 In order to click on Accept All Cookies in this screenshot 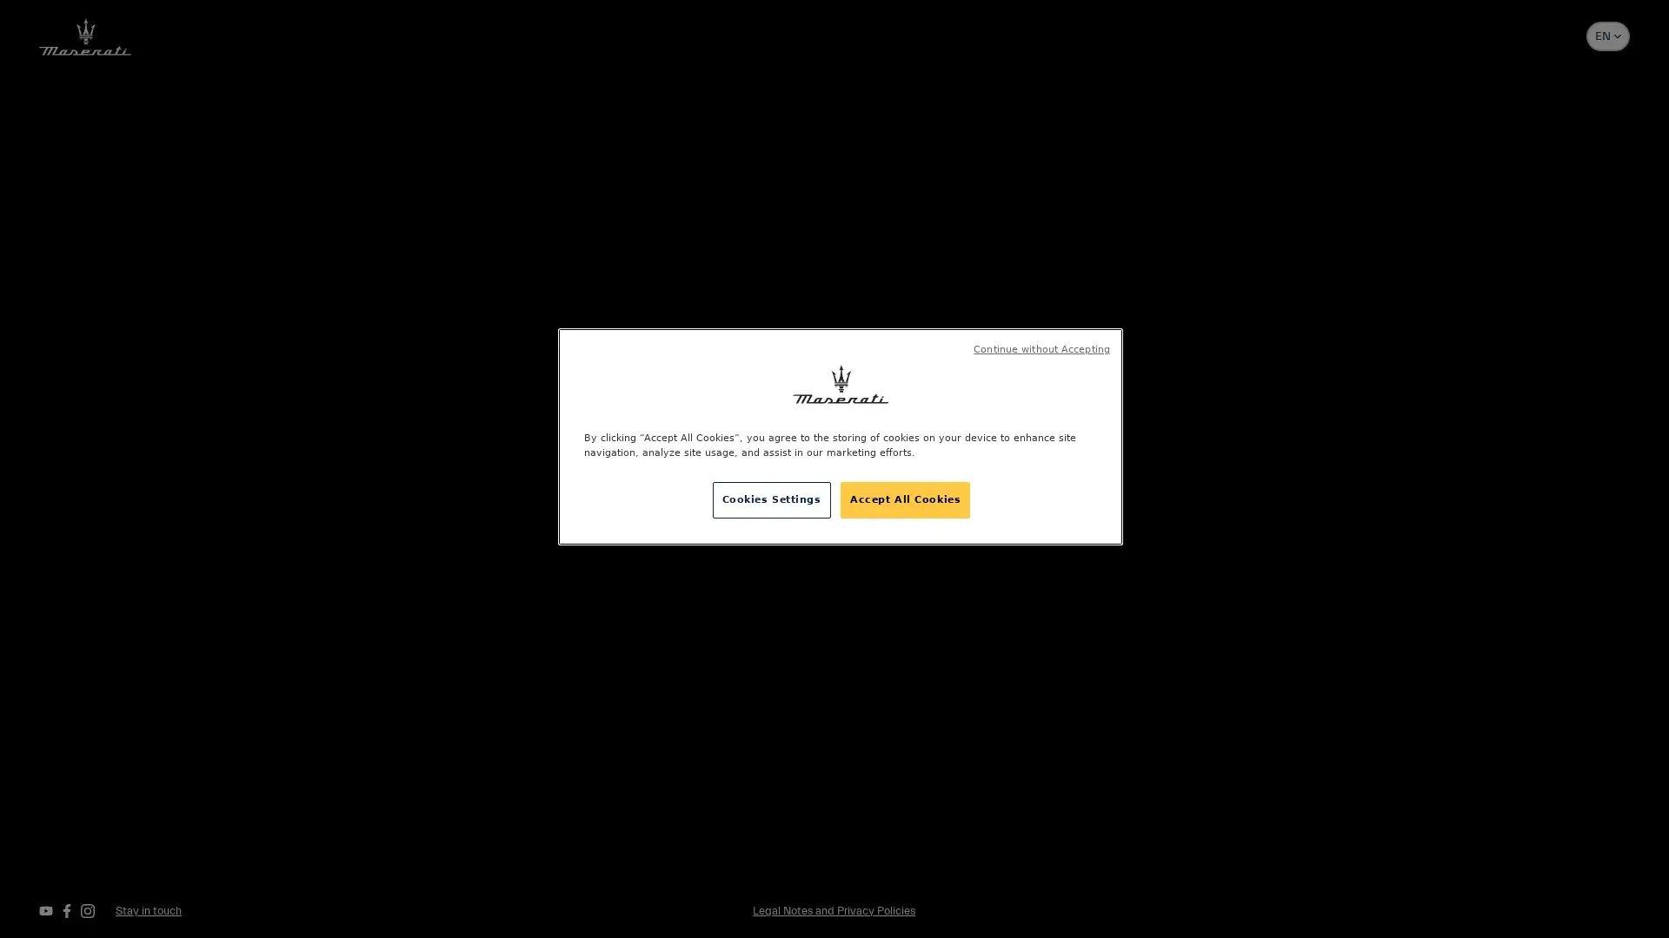, I will do `click(904, 499)`.